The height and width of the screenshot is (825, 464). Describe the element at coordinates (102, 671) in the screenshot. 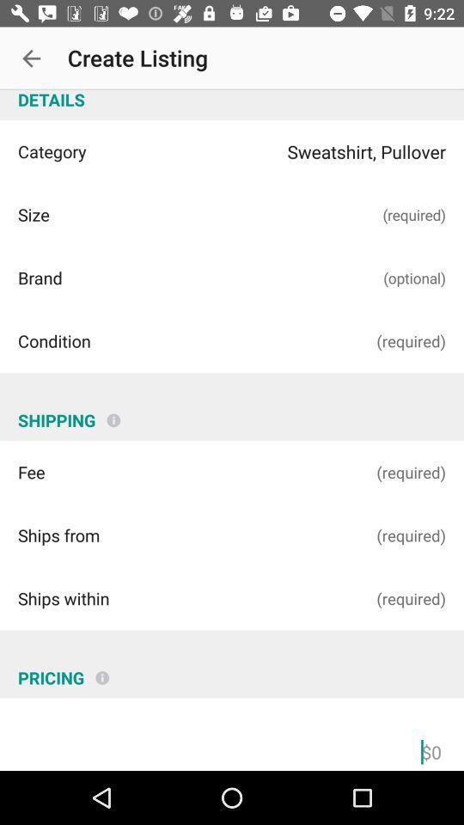

I see `icon below ships within item` at that location.